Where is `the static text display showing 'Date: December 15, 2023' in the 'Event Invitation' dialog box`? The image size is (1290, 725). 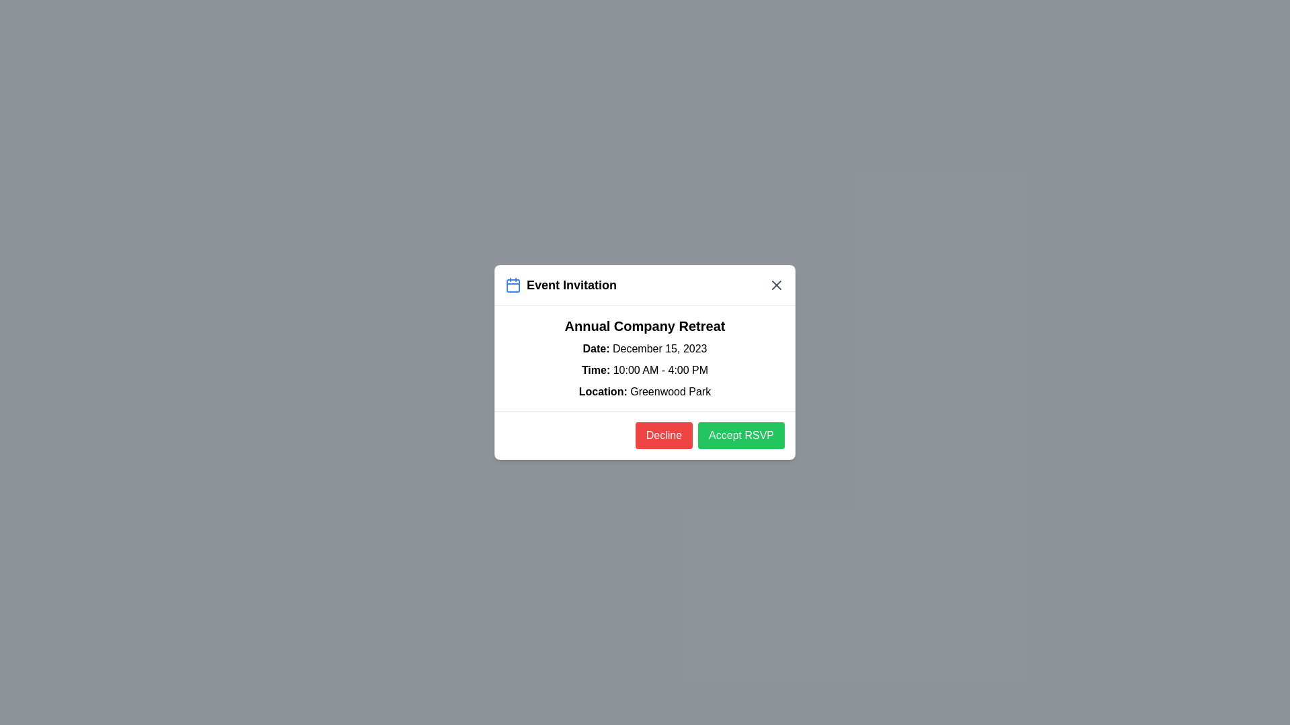
the static text display showing 'Date: December 15, 2023' in the 'Event Invitation' dialog box is located at coordinates (645, 348).